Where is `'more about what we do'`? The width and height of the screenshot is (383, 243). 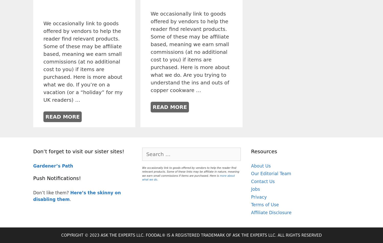 'more about what we do' is located at coordinates (188, 177).